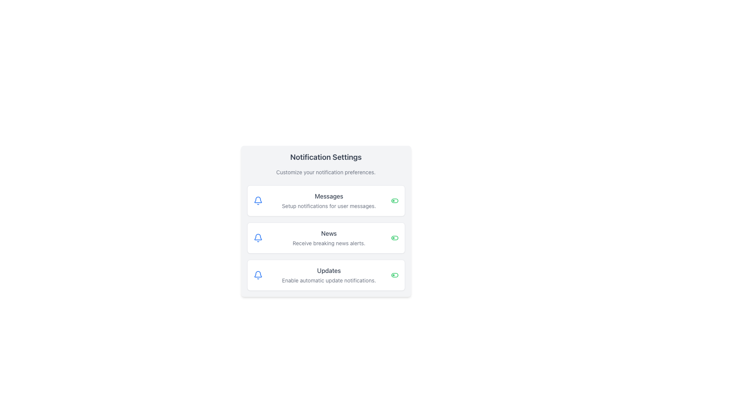  I want to click on the Updates icon in the Notification Settings panel, located on the third row to the left of the text 'Updates', so click(258, 275).